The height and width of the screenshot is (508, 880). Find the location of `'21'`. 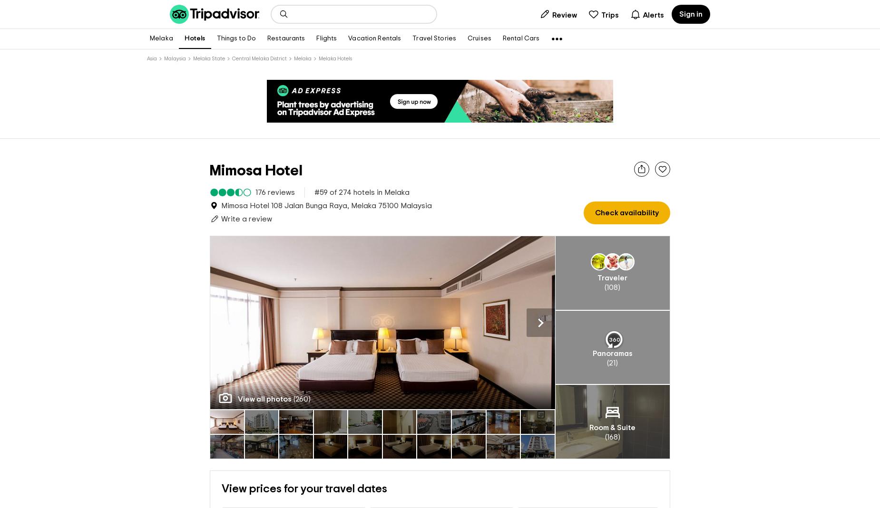

'21' is located at coordinates (608, 363).